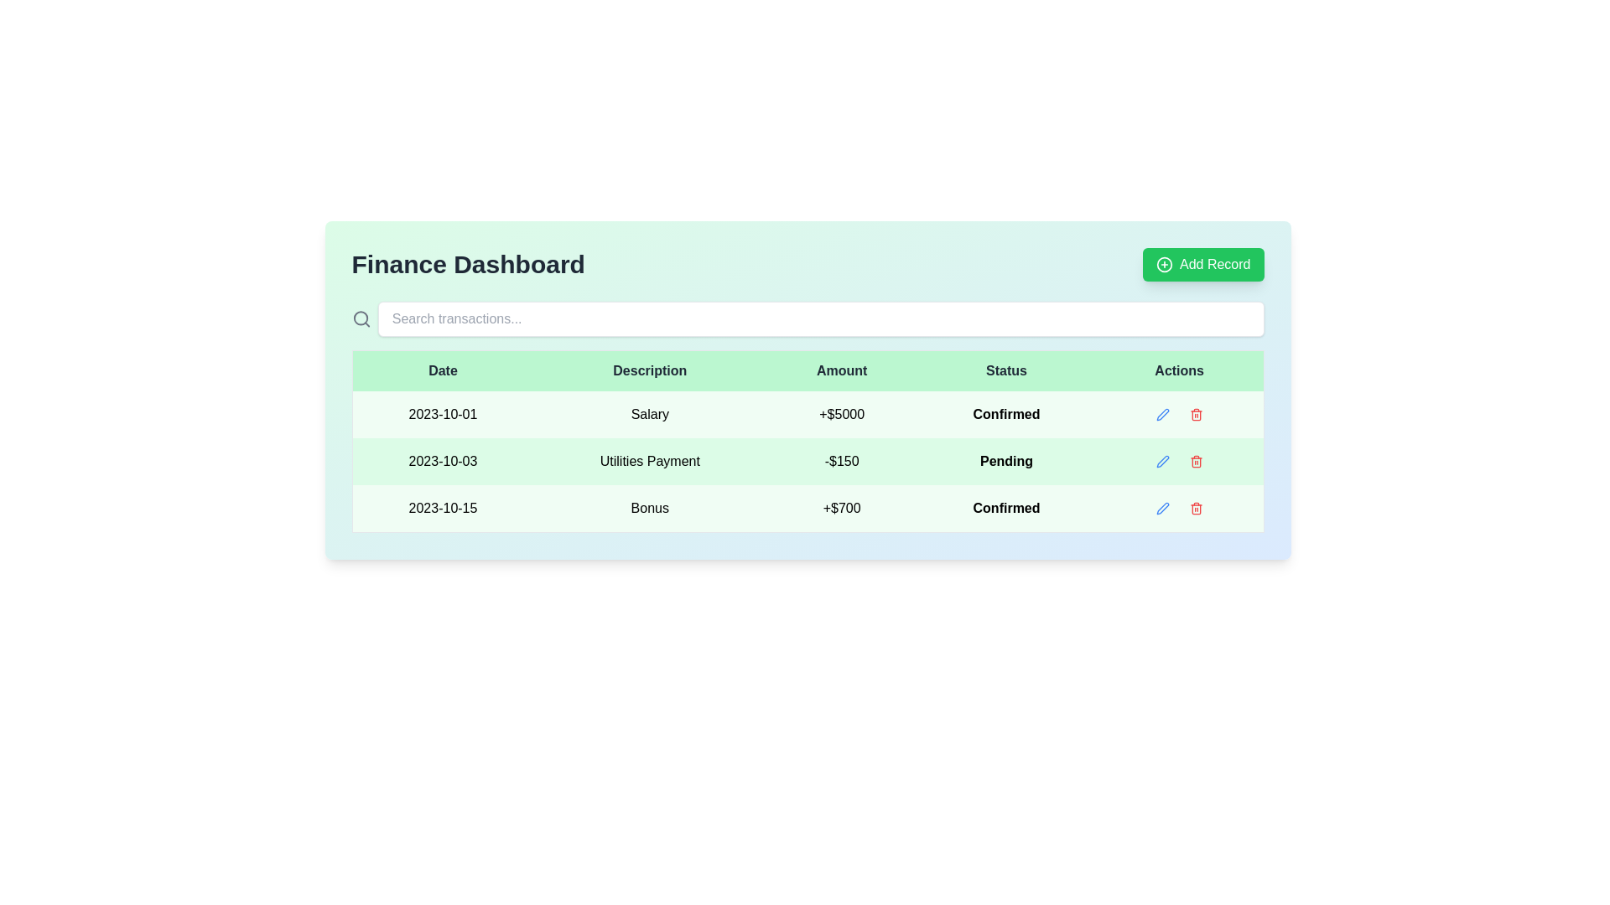  I want to click on the trash bin delete button located in the 'Actions' column of the second row in the data table, so click(1195, 462).